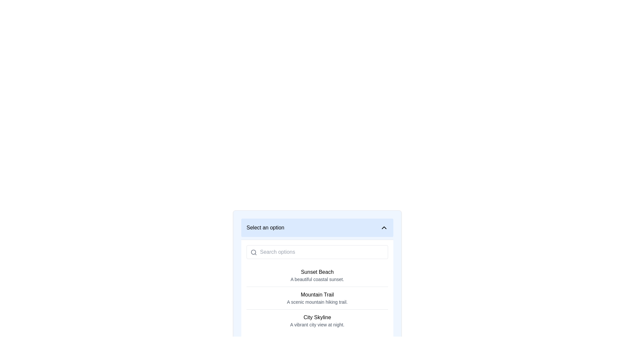  Describe the element at coordinates (317, 324) in the screenshot. I see `the Text Label that reads 'A vibrant city view at night', which is styled in gray and located directly below the title 'City Skyline'` at that location.